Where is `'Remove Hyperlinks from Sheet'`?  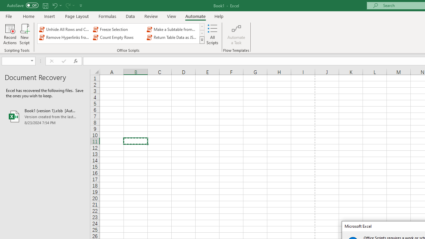 'Remove Hyperlinks from Sheet' is located at coordinates (65, 38).